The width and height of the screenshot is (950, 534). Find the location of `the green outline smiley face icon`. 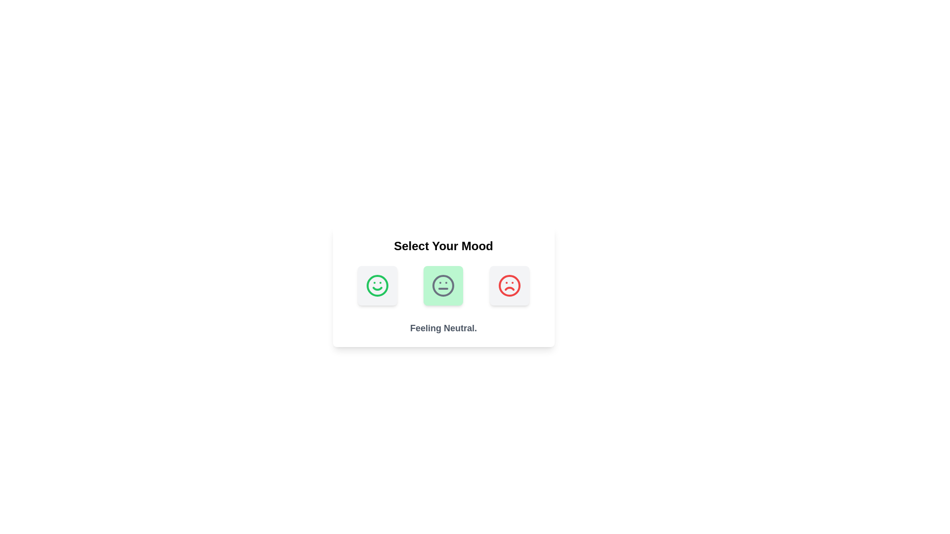

the green outline smiley face icon is located at coordinates (377, 286).